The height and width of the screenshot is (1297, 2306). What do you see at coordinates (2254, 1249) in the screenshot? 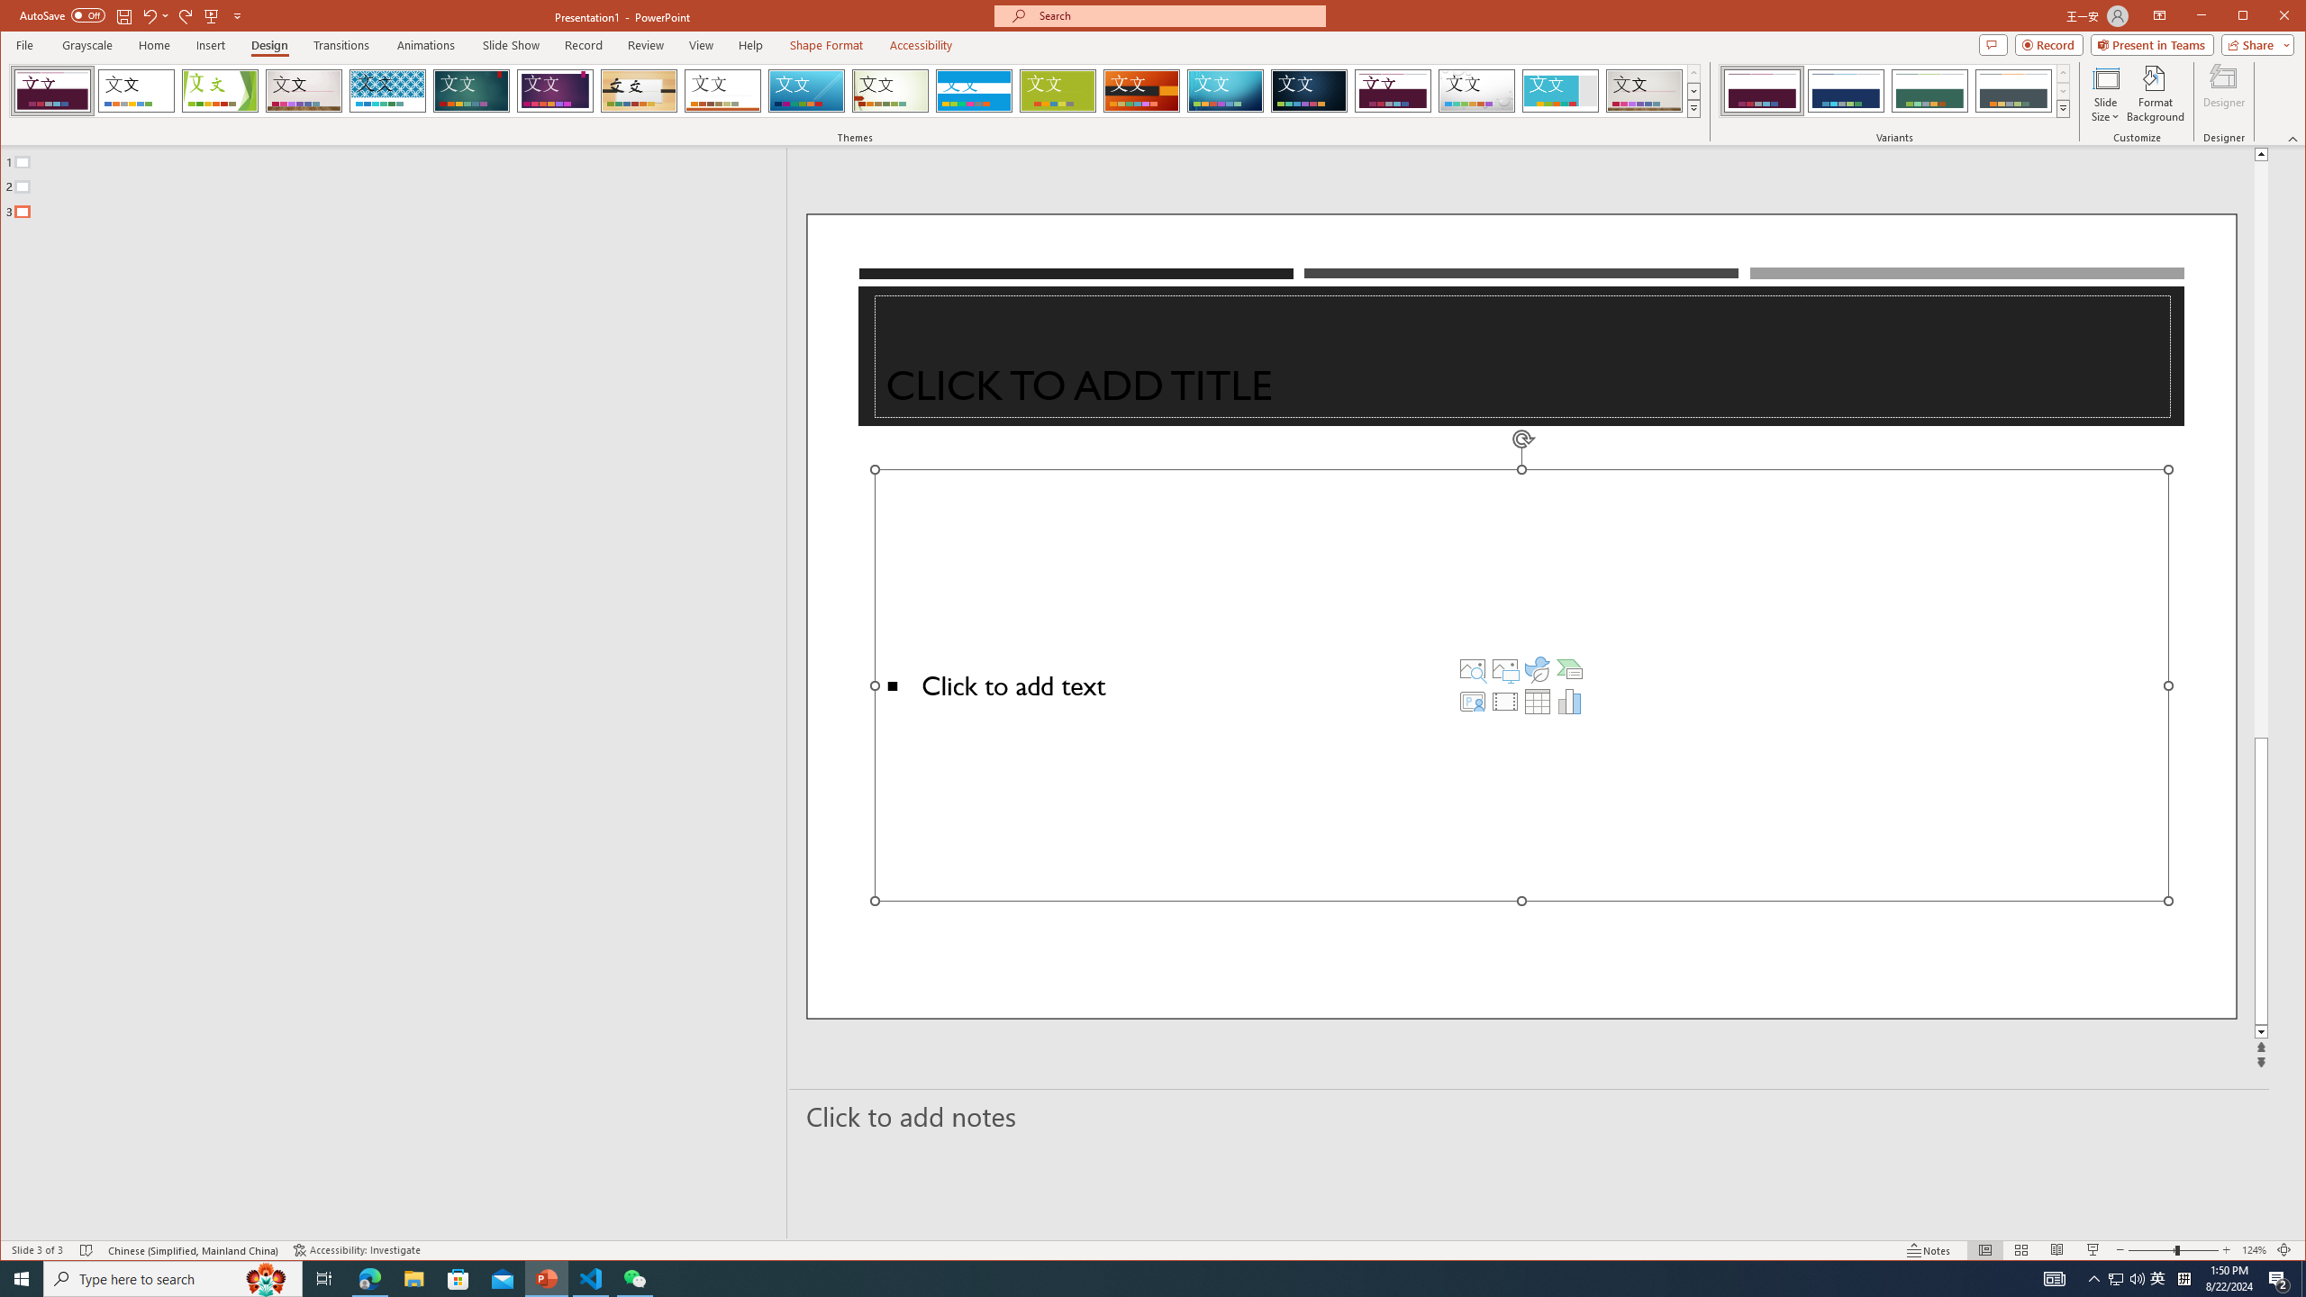
I see `'Zoom 124%'` at bounding box center [2254, 1249].